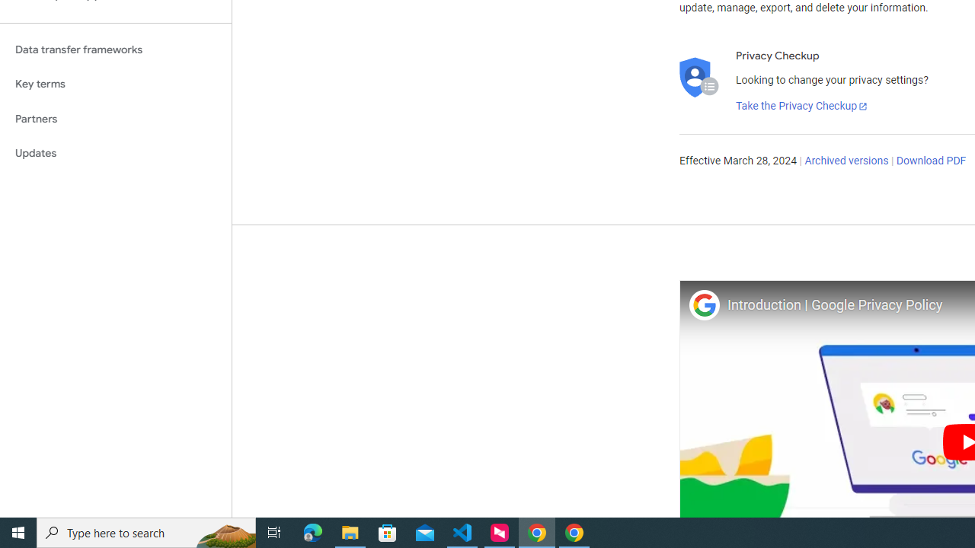 This screenshot has width=975, height=548. What do you see at coordinates (115, 49) in the screenshot?
I see `'Data transfer frameworks'` at bounding box center [115, 49].